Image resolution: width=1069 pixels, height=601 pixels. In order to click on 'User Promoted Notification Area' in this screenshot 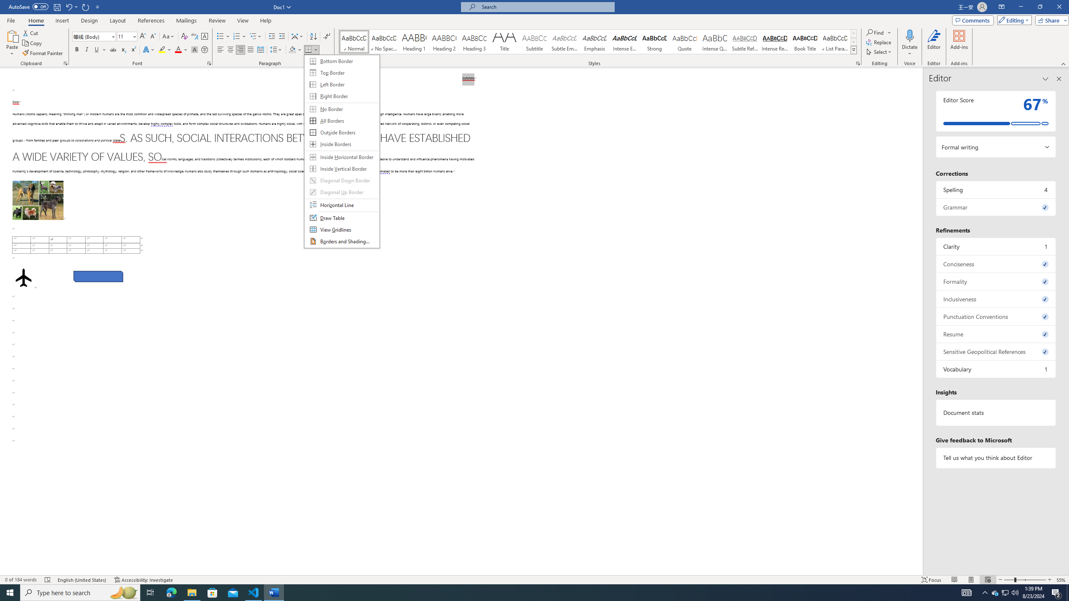, I will do `click(1004, 592)`.